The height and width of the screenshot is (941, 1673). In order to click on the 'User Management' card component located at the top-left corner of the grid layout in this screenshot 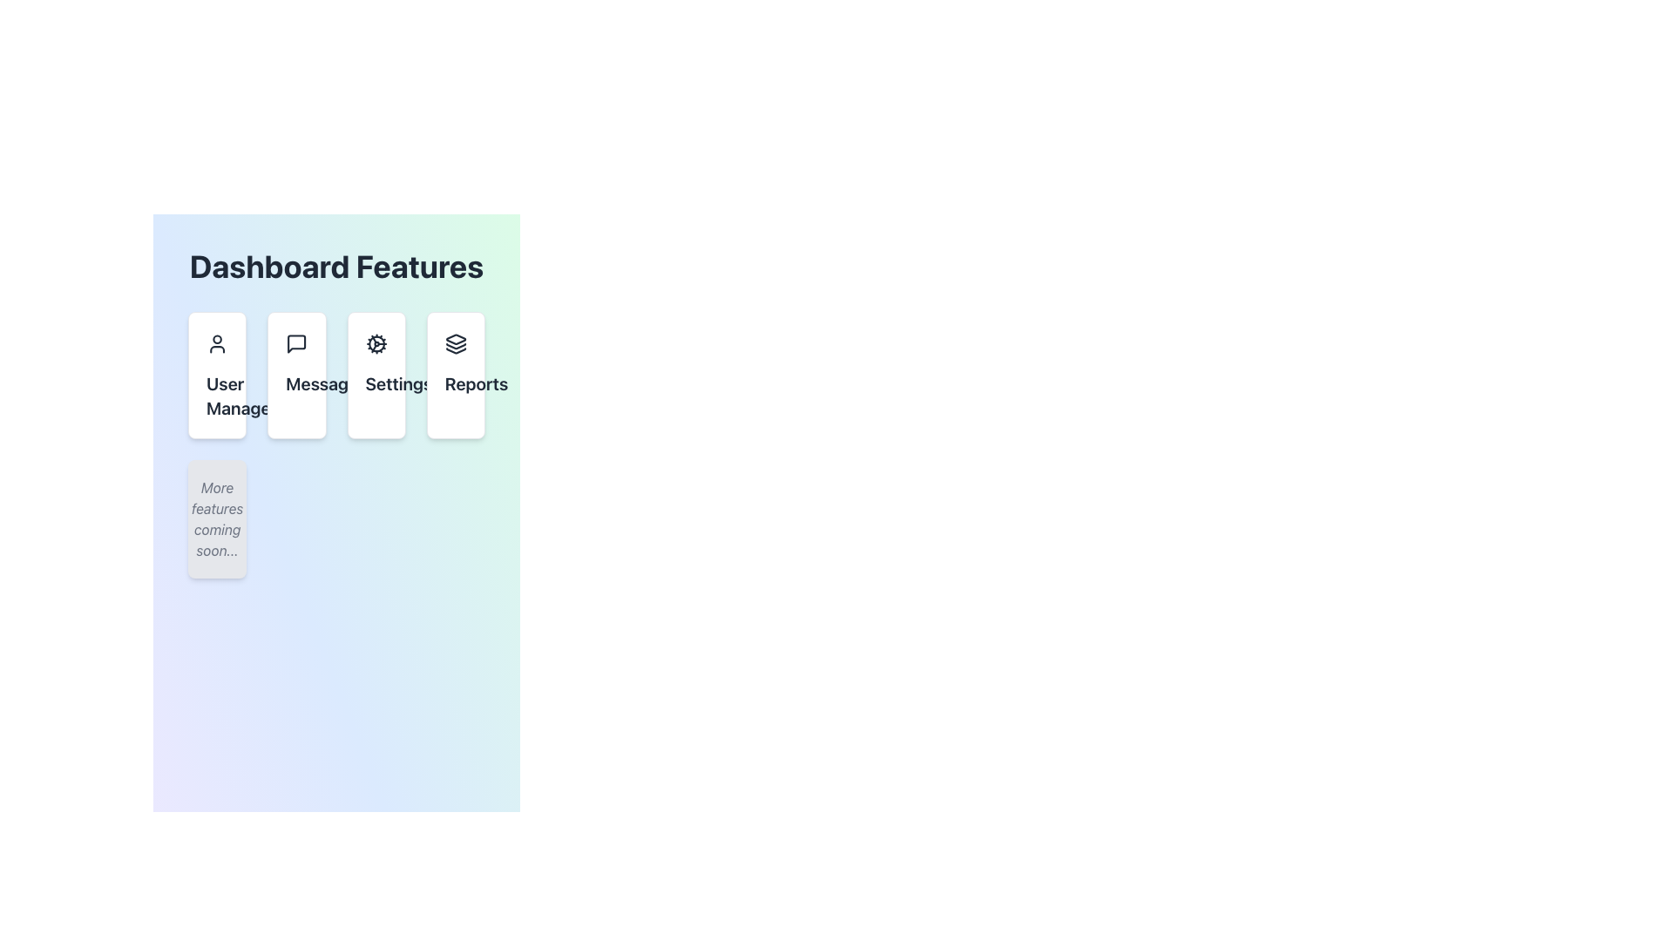, I will do `click(216, 375)`.